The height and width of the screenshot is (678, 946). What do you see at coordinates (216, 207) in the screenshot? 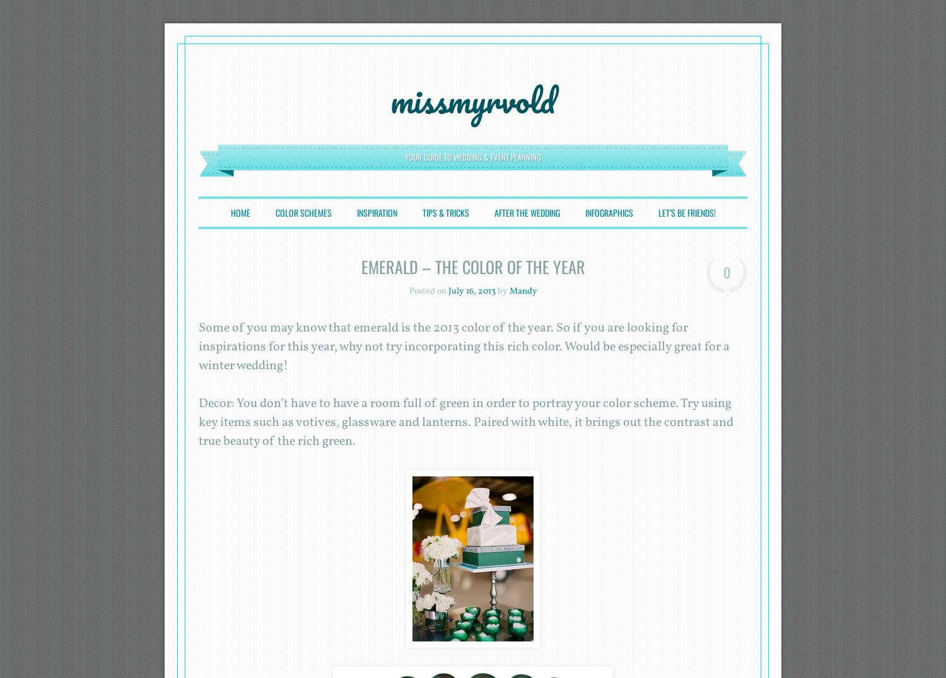
I see `'Menu'` at bounding box center [216, 207].